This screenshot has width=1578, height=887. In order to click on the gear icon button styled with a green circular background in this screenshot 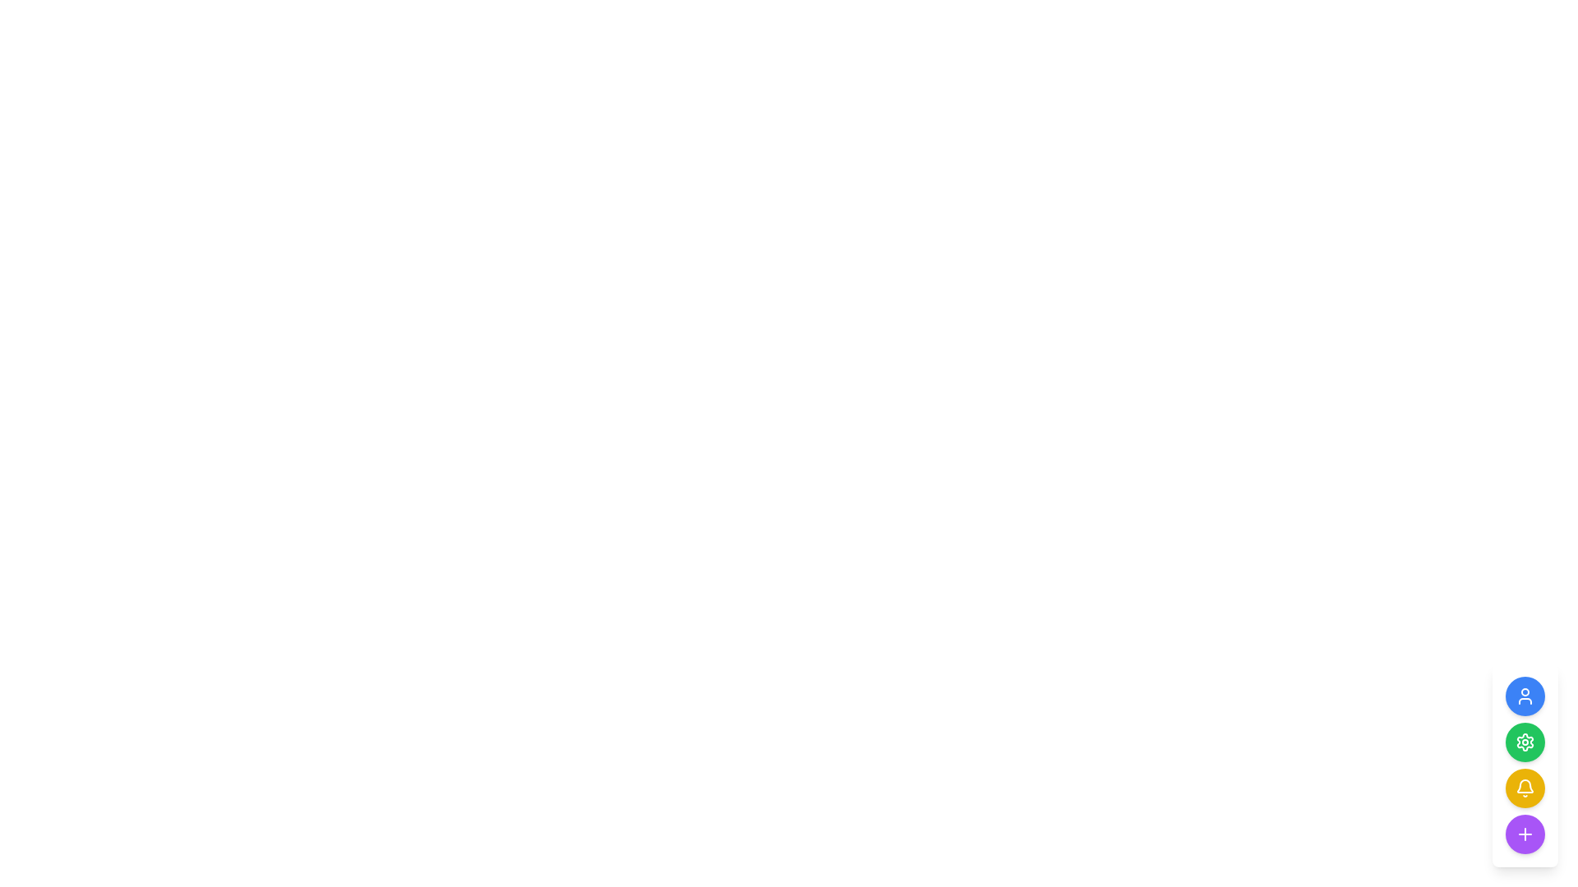, I will do `click(1525, 742)`.